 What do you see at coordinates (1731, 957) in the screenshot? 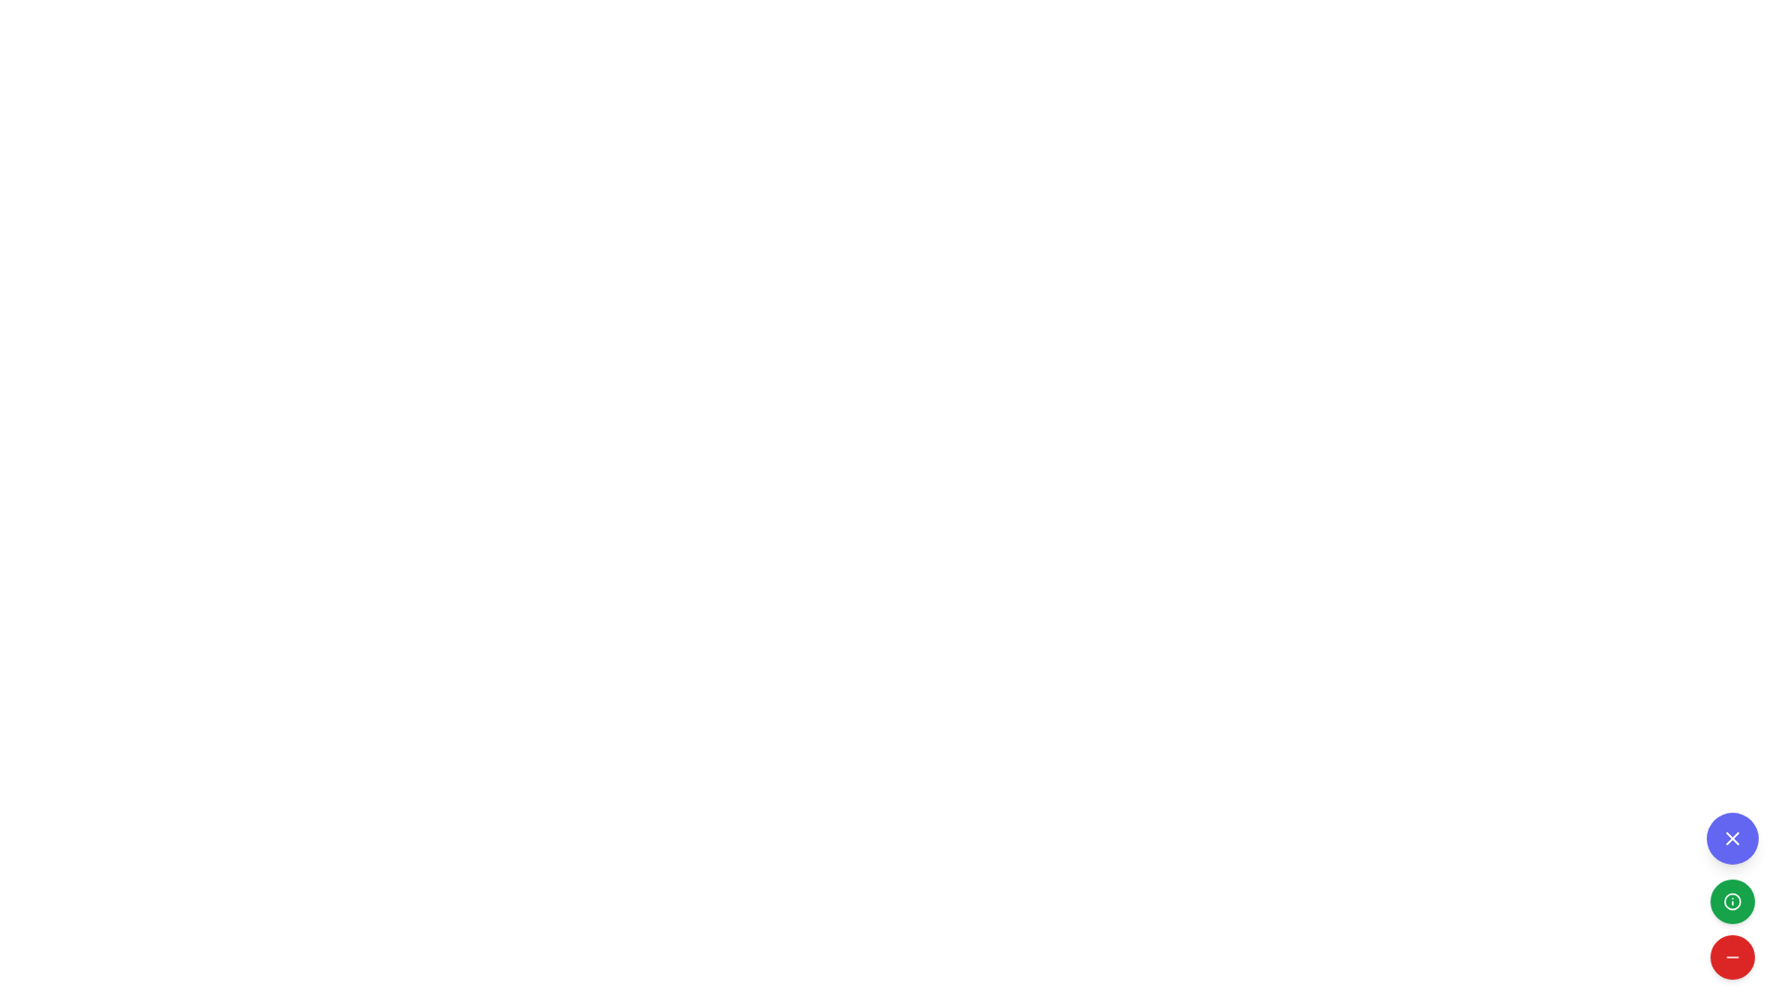
I see `the red circular button with a white horizontal minus symbol` at bounding box center [1731, 957].